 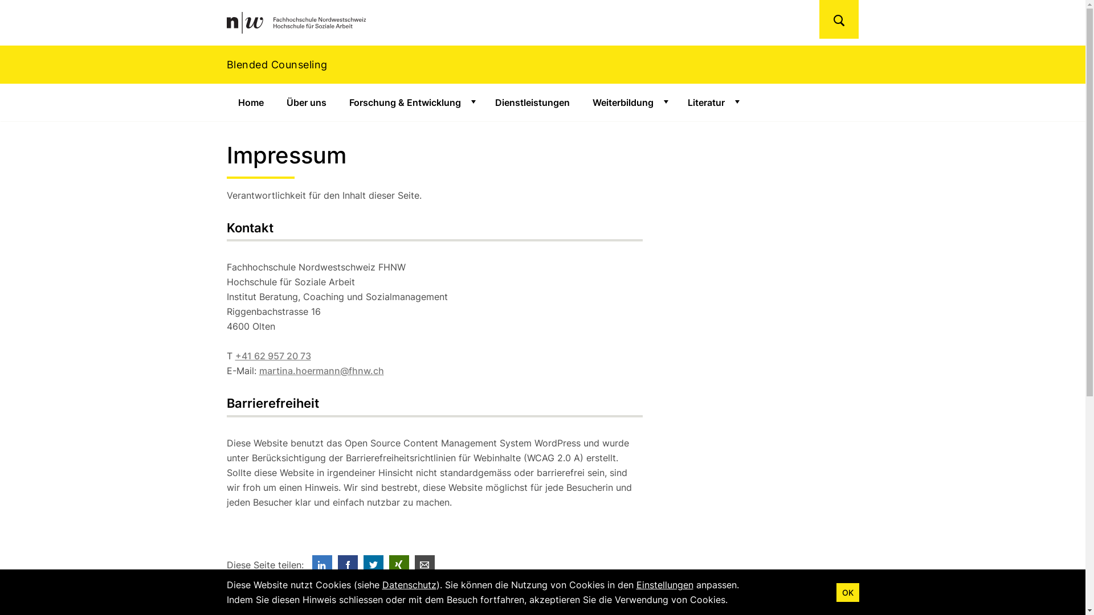 What do you see at coordinates (320, 371) in the screenshot?
I see `'martina.hoermann@fhnw.ch'` at bounding box center [320, 371].